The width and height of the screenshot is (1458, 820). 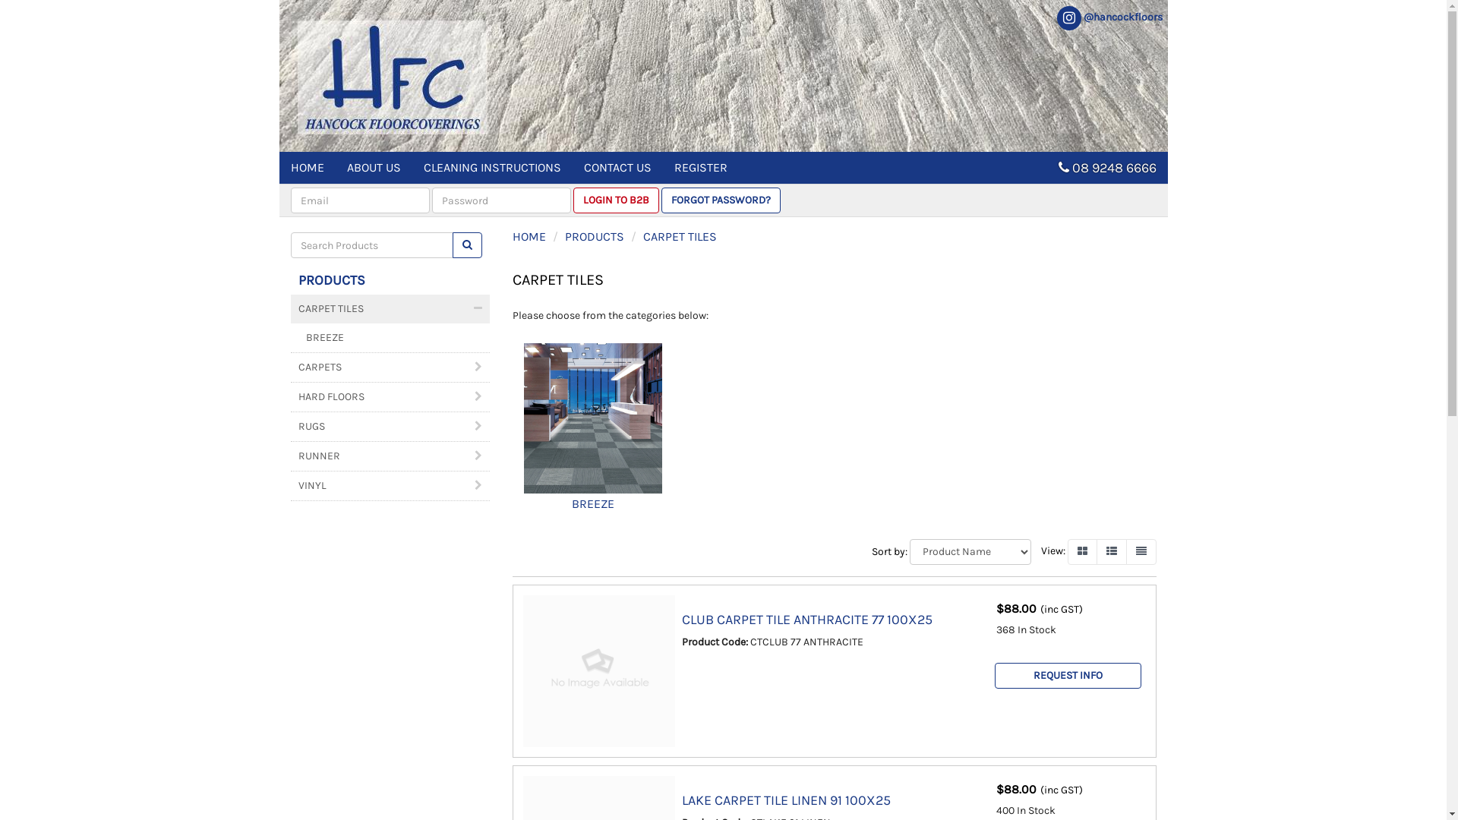 I want to click on 'HOME', so click(x=306, y=167).